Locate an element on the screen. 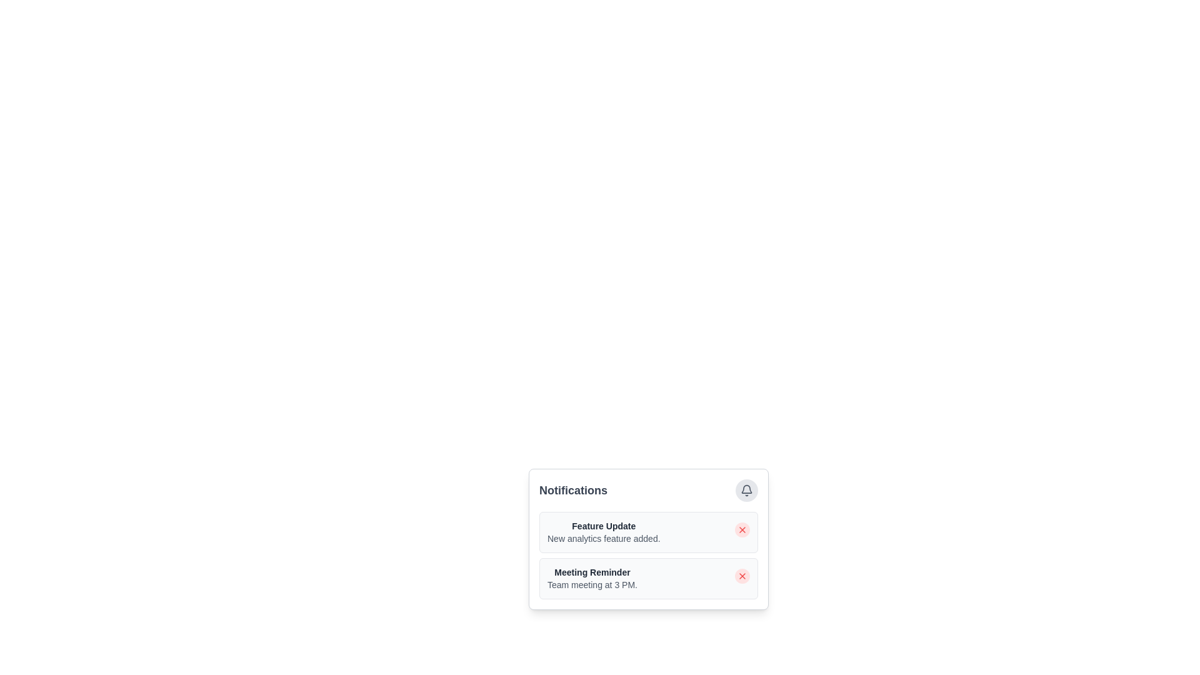 This screenshot has width=1200, height=675. the minimalistic bell icon located in the upper-right corner of the notifications panel to trigger any available tooltip is located at coordinates (747, 490).